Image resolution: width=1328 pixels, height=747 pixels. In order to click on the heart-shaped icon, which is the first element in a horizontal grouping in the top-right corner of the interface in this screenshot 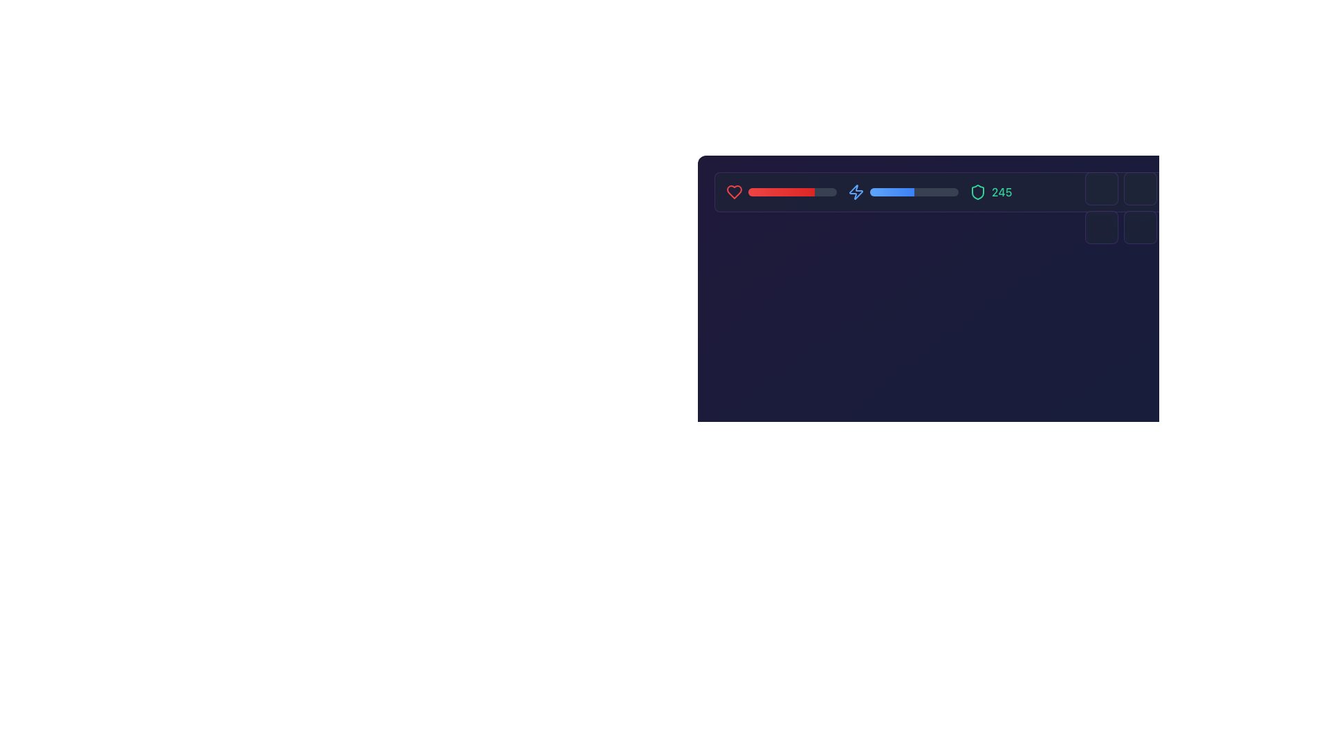, I will do `click(733, 192)`.